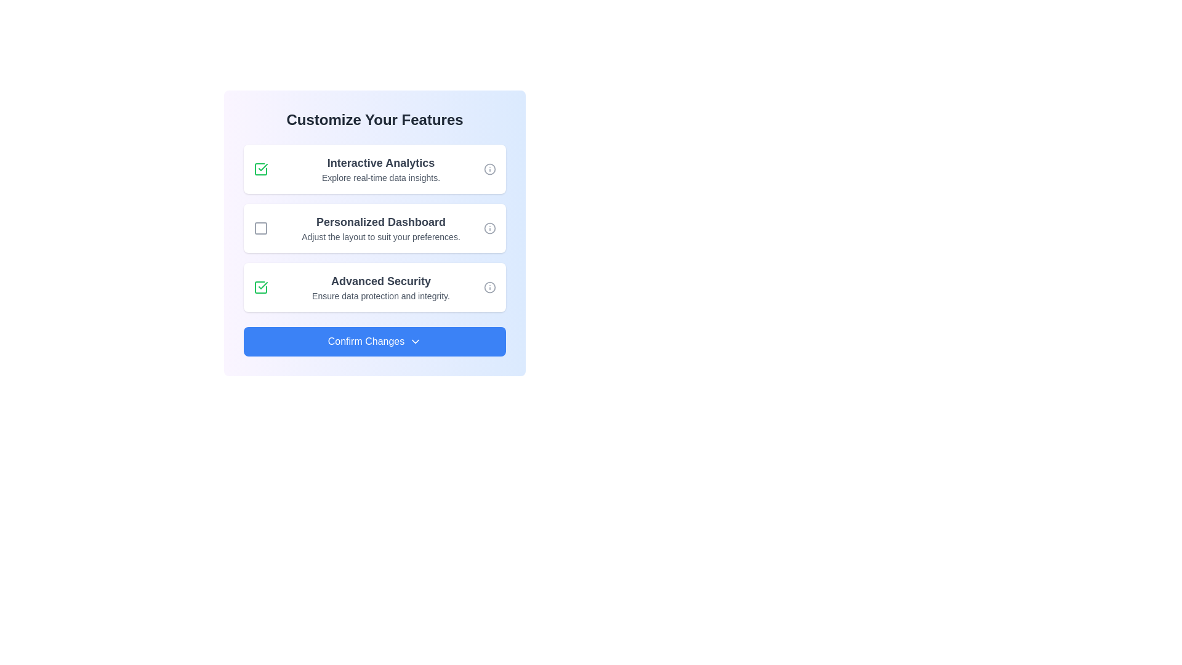  What do you see at coordinates (489, 228) in the screenshot?
I see `the information indicator icon located to the right of the 'Personalized Dashboard' text, which displays additional details when interacted with` at bounding box center [489, 228].